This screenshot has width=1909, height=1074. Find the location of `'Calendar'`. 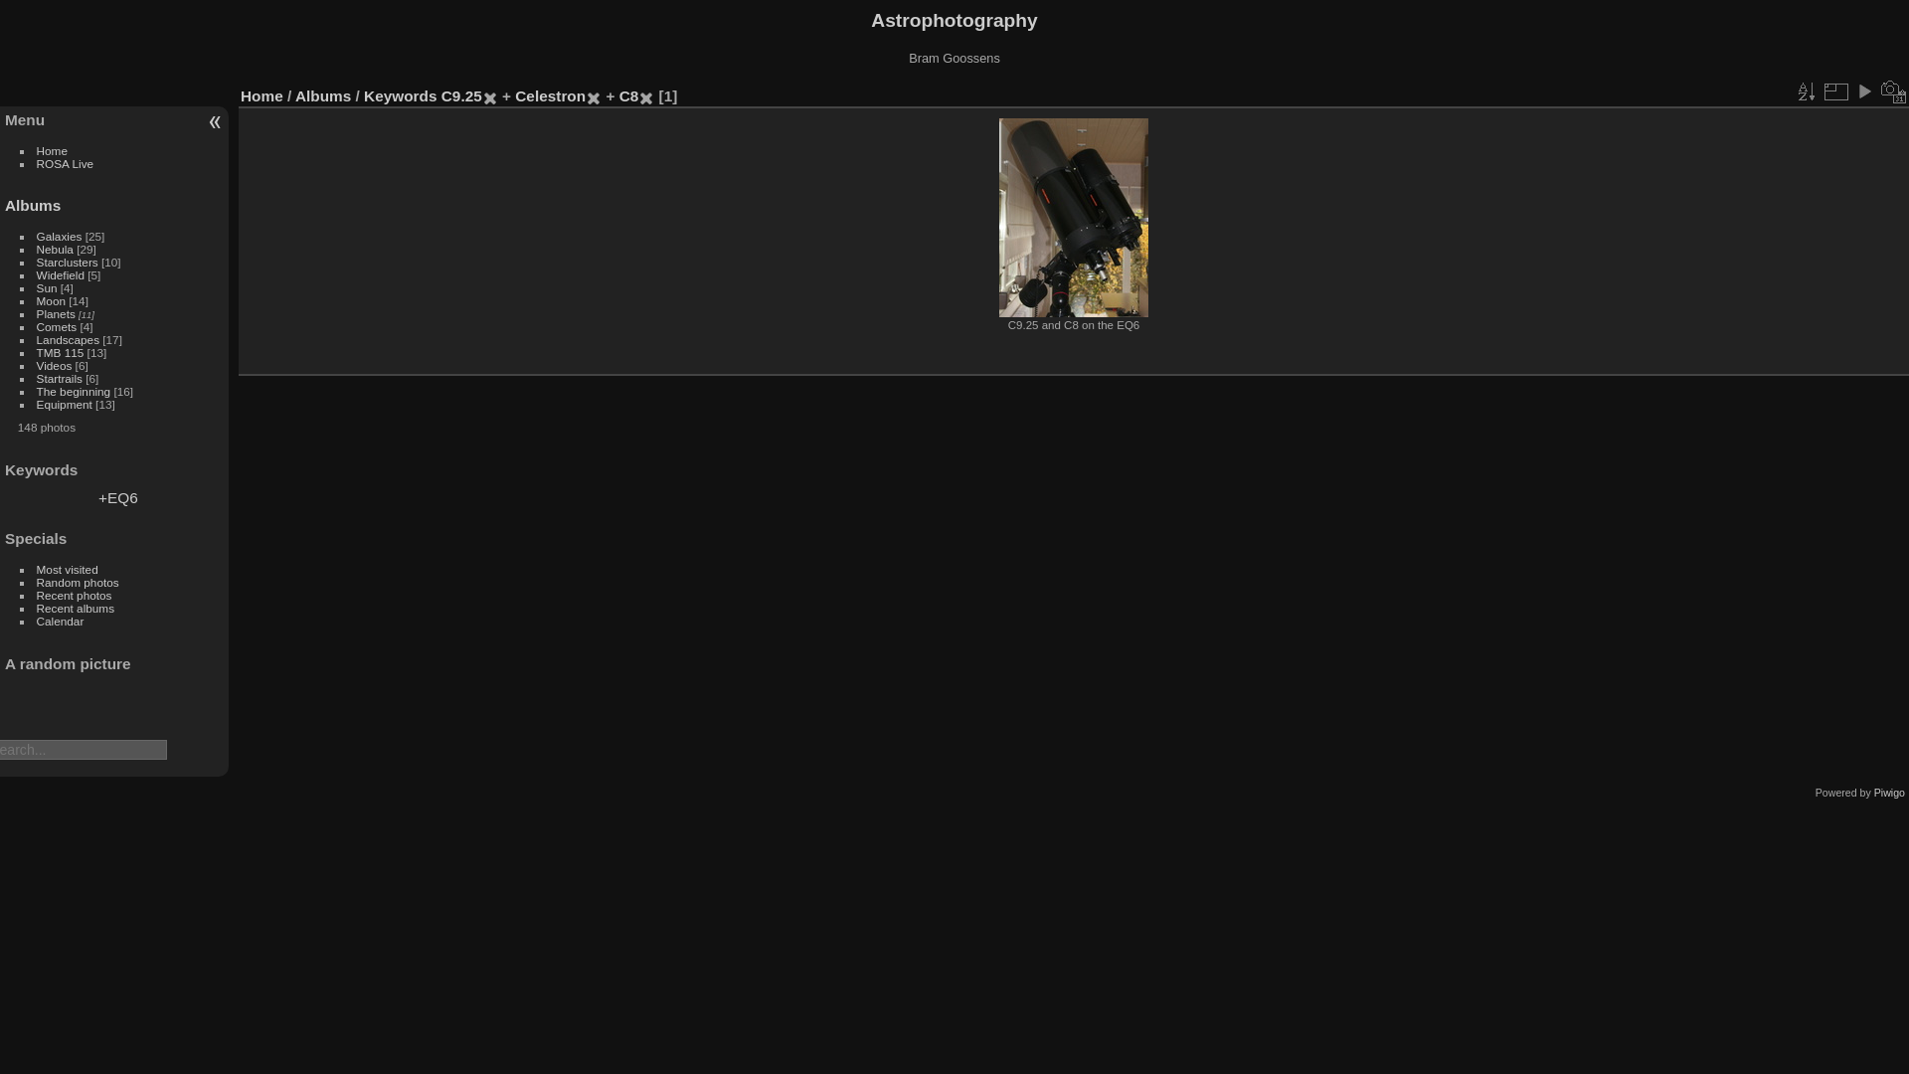

'Calendar' is located at coordinates (61, 620).